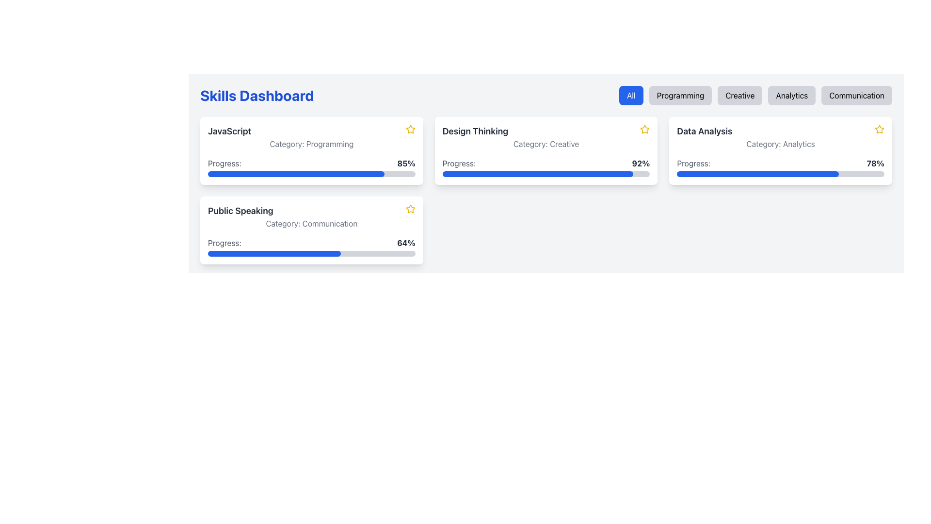 The width and height of the screenshot is (931, 524). I want to click on the filled portion of the progress bar located under the text 'Progress:' within the 'JavaScript' skill card at the top-left corner of the interface, so click(295, 173).